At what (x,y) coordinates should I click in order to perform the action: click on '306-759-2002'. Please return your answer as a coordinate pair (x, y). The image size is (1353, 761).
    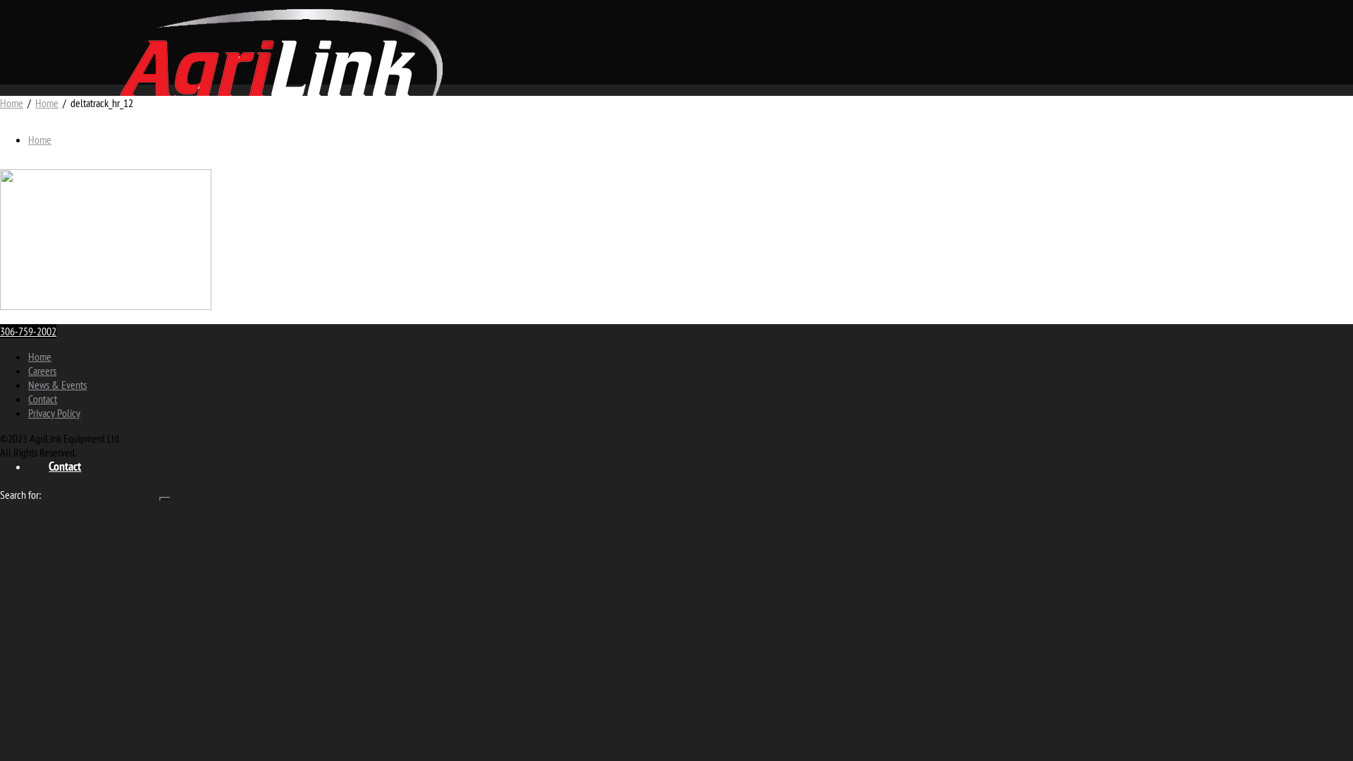
    Looking at the image, I should click on (27, 331).